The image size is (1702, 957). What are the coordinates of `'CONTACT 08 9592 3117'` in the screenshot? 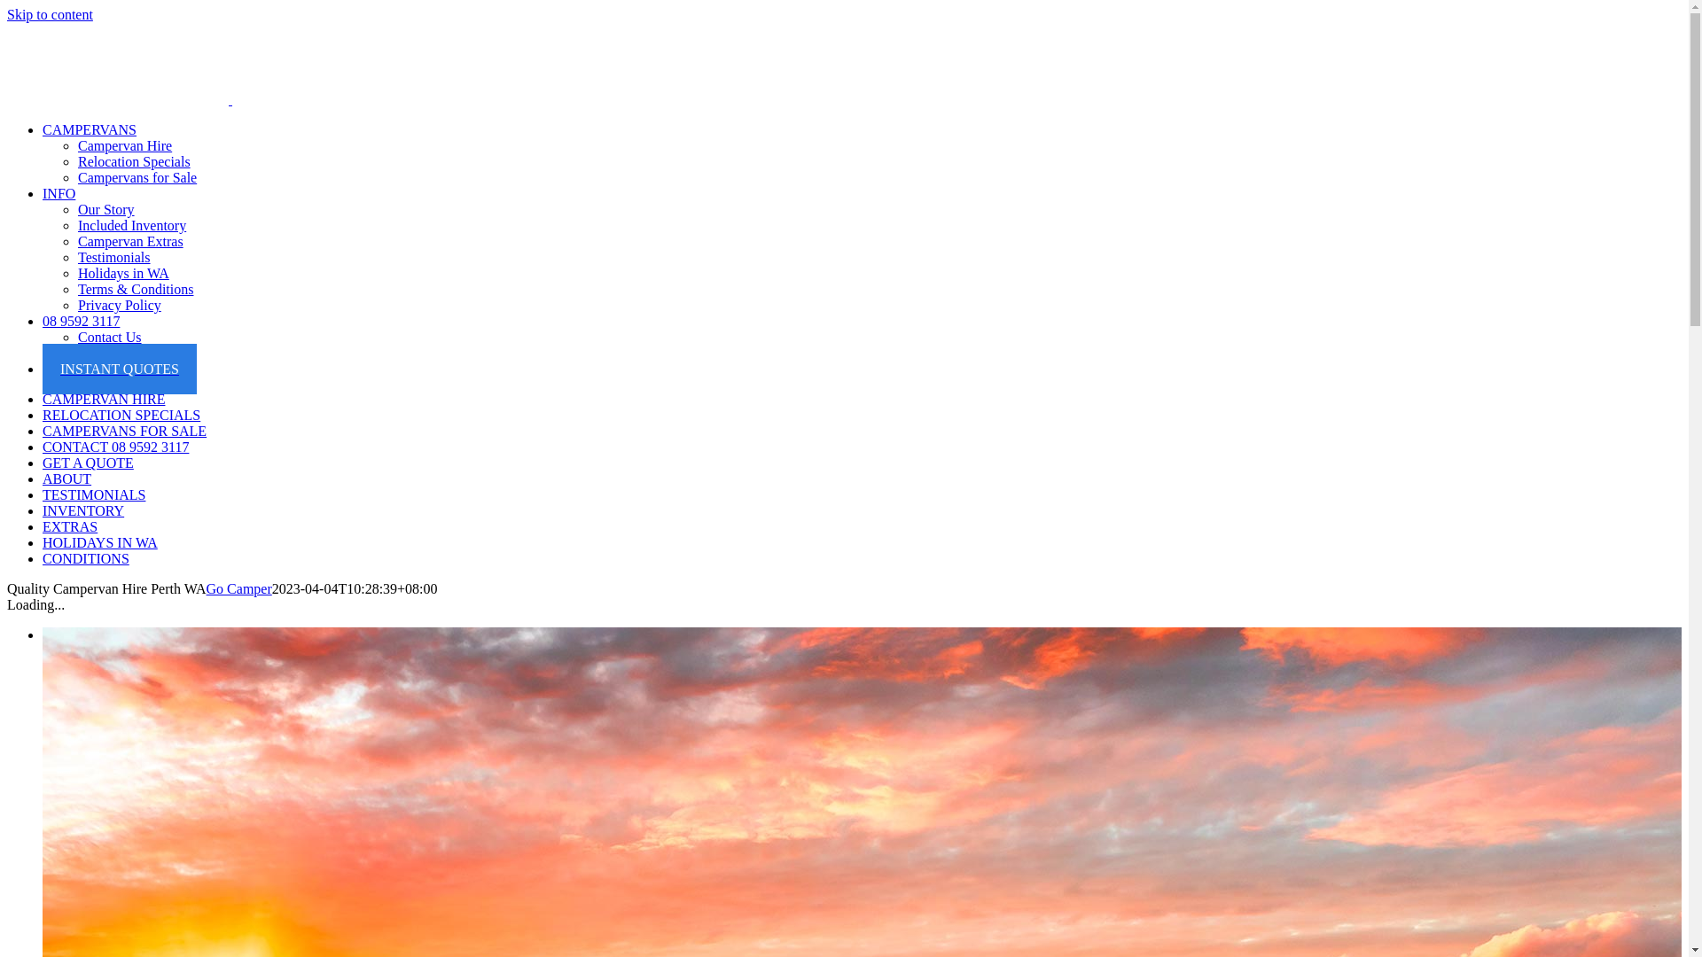 It's located at (114, 446).